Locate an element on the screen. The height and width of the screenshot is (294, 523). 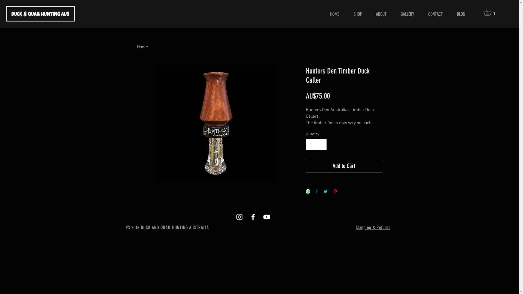
'Shipping & Returns' is located at coordinates (355, 228).